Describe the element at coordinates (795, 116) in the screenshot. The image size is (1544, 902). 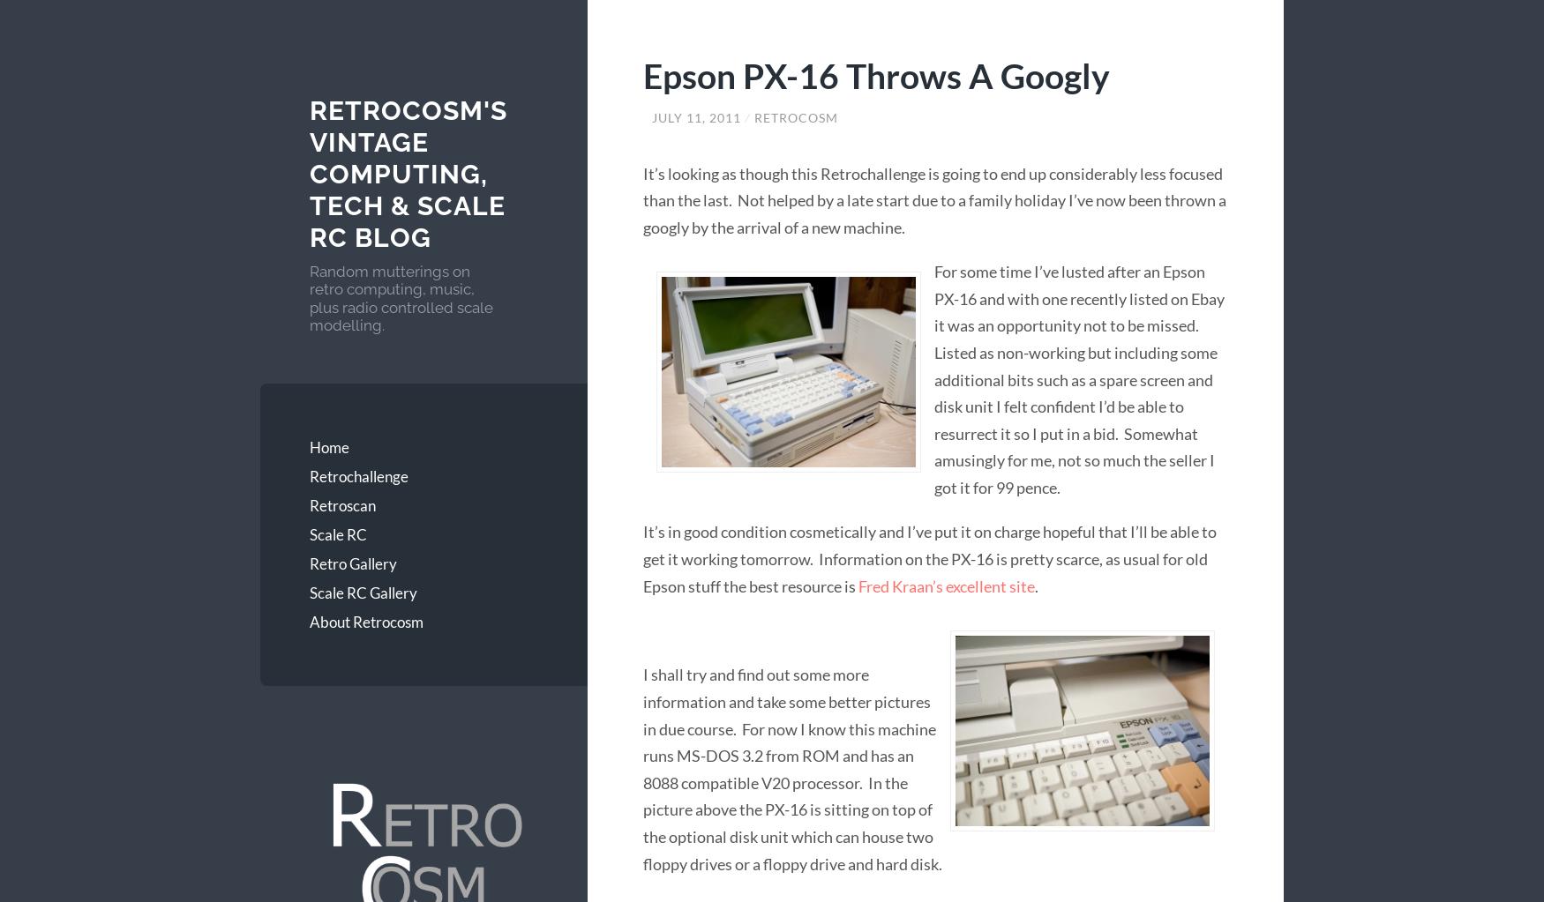
I see `'Retrocosm'` at that location.